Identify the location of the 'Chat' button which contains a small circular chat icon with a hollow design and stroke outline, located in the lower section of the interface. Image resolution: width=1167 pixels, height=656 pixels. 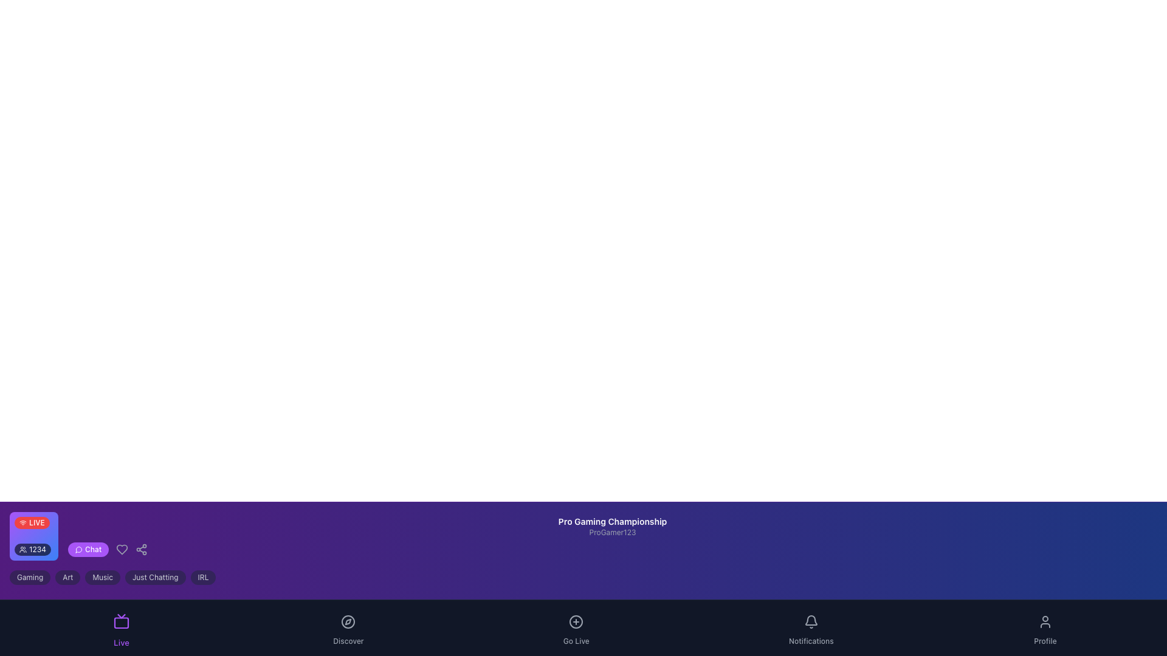
(78, 550).